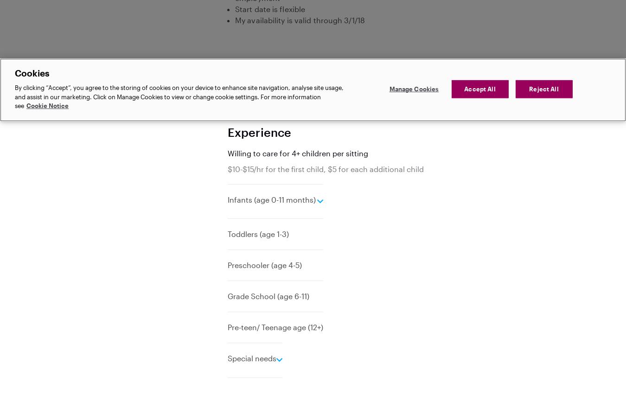  Describe the element at coordinates (259, 131) in the screenshot. I see `'Experience'` at that location.